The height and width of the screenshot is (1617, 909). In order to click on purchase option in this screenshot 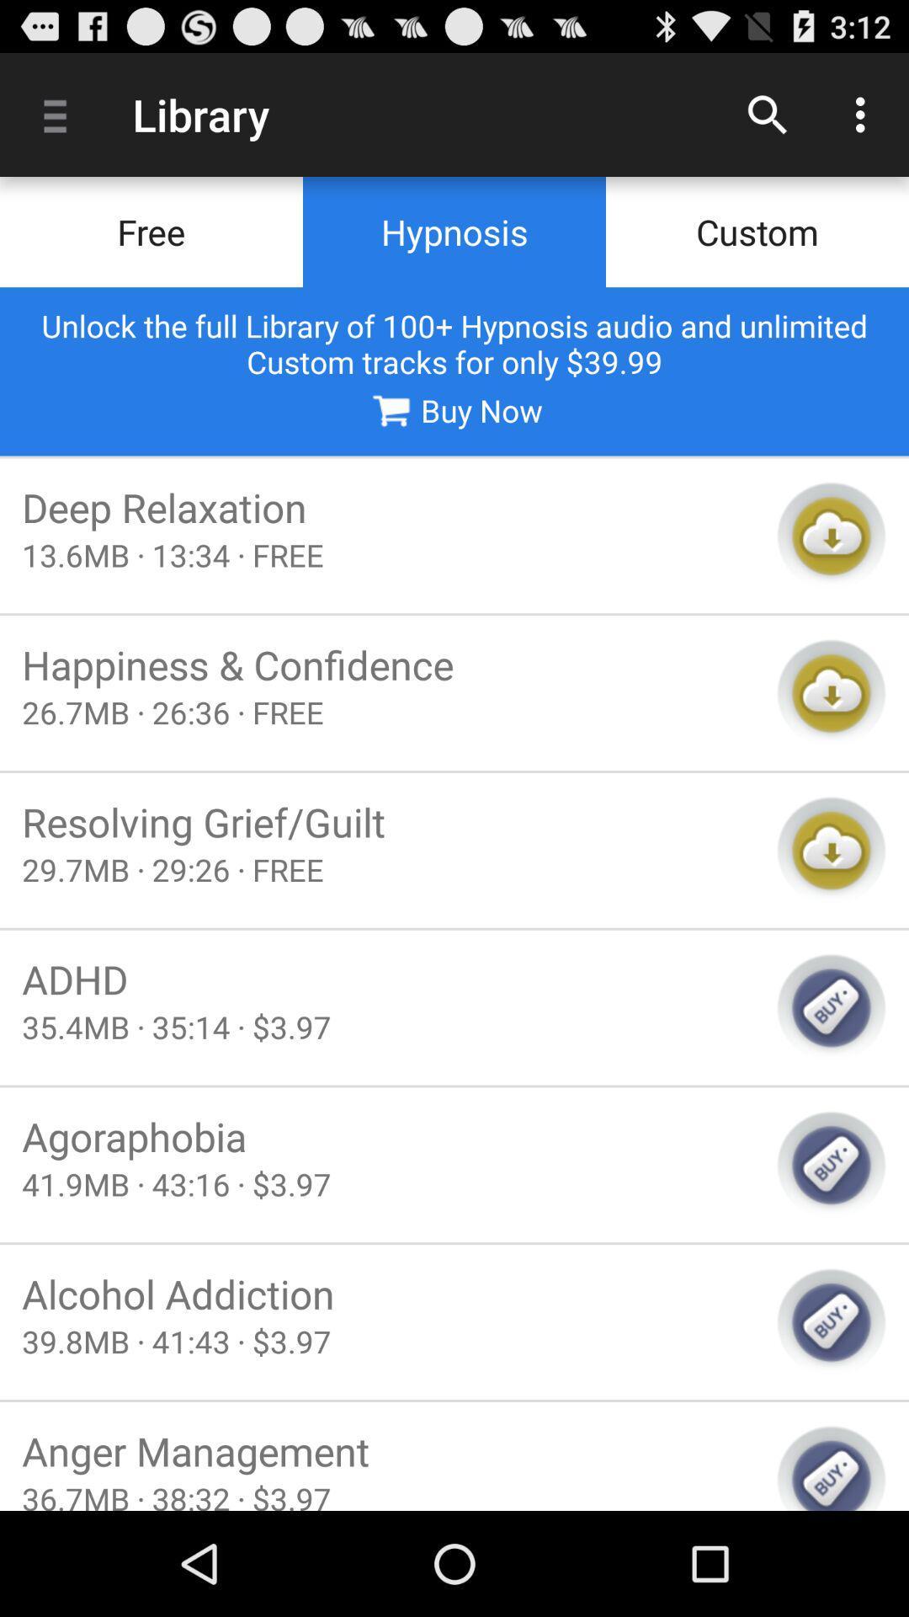, I will do `click(831, 1321)`.